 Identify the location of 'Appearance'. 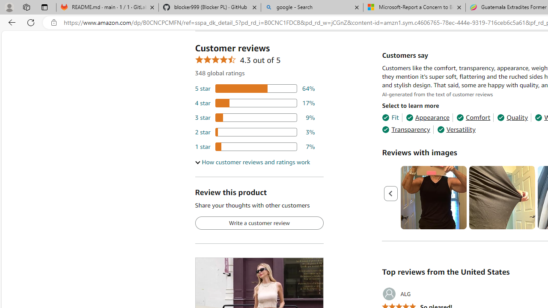
(428, 118).